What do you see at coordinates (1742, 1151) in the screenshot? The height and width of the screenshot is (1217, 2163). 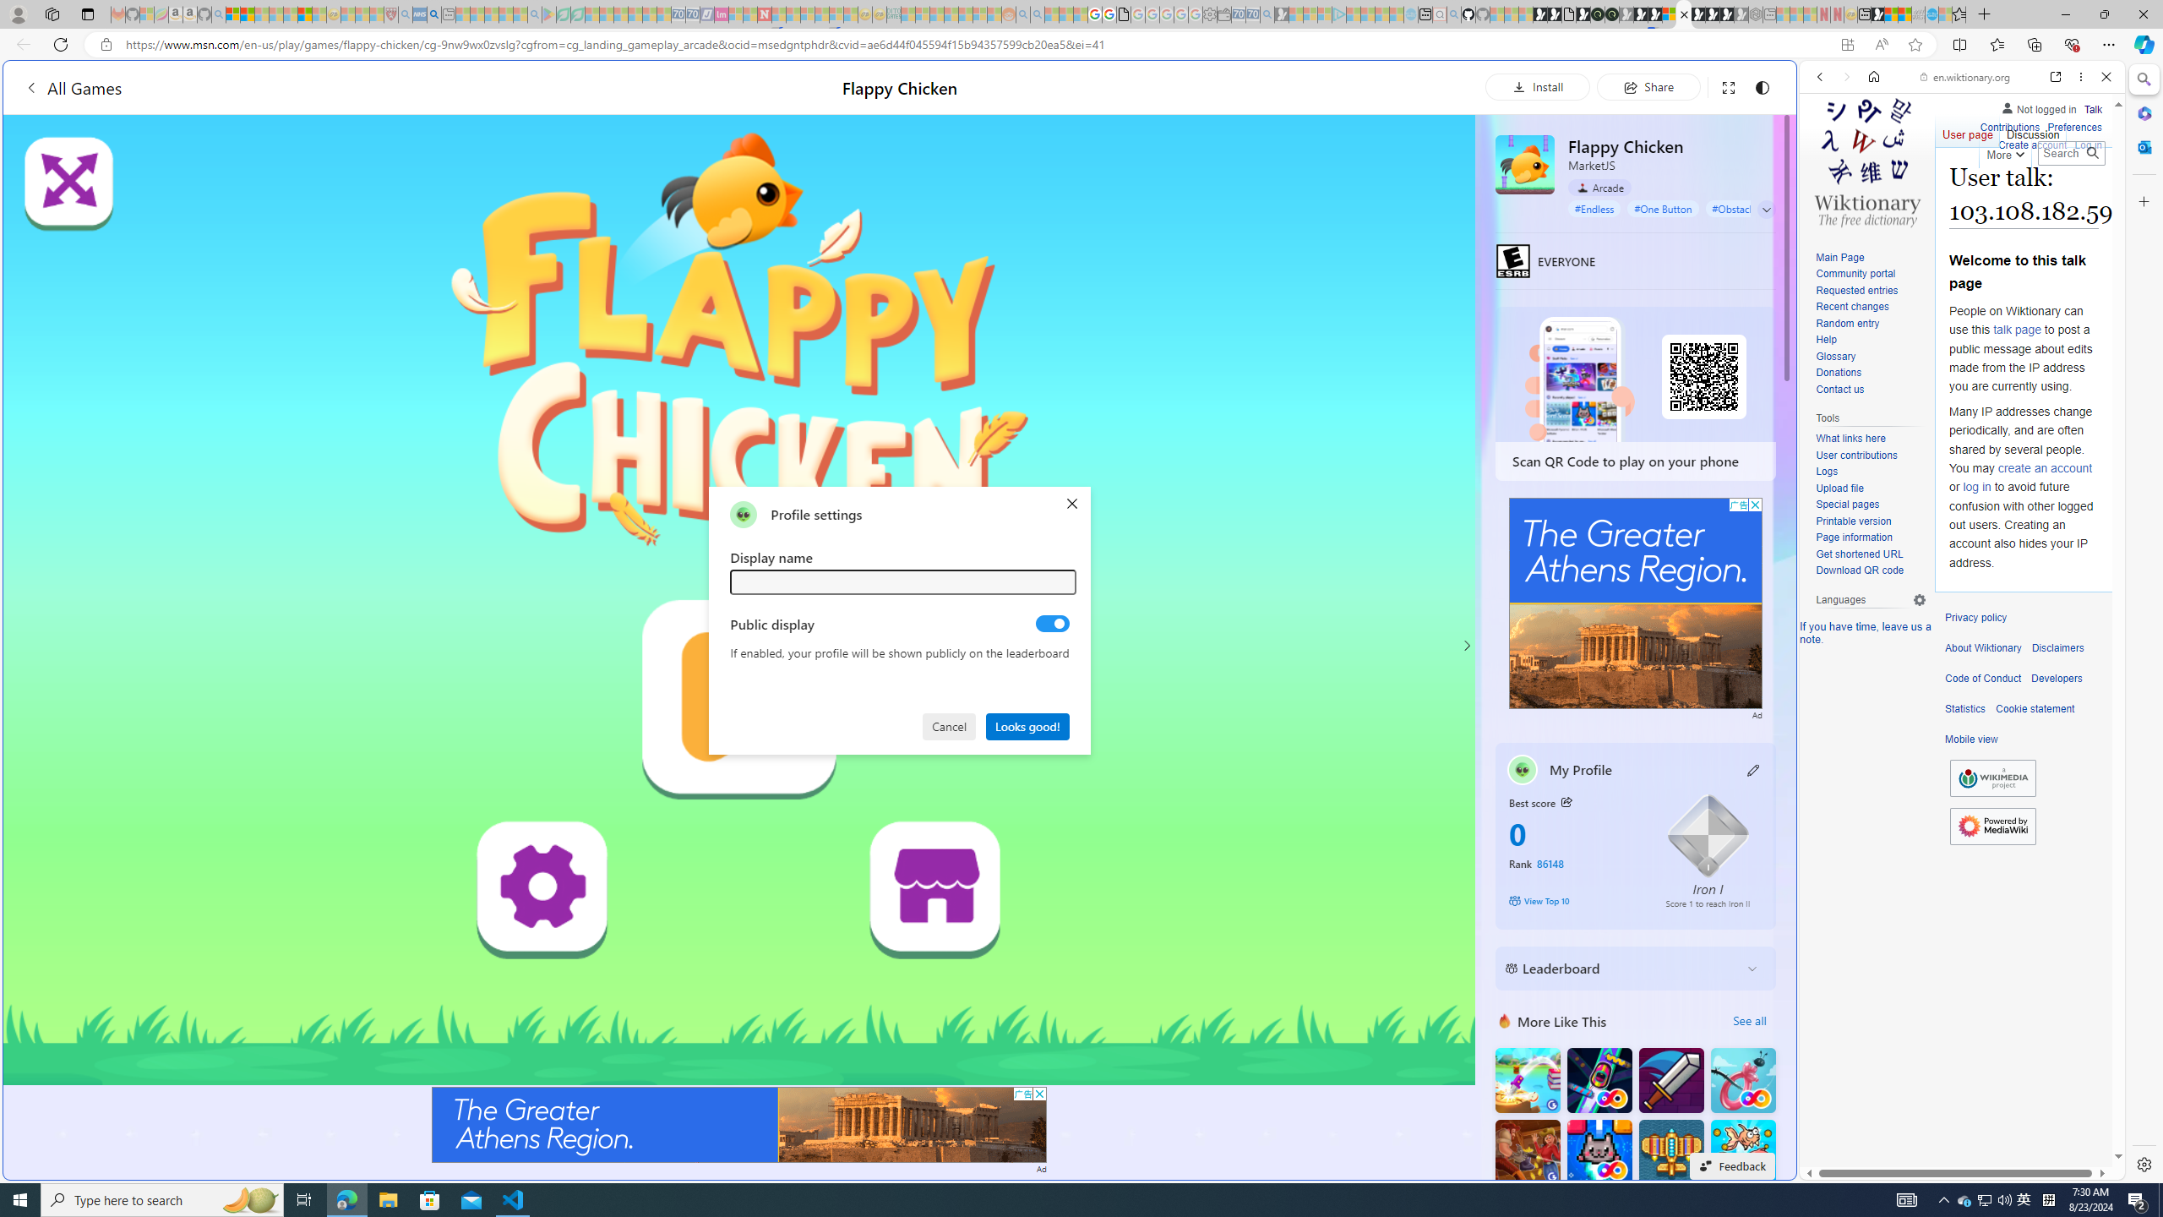 I see `'Fish Merge FRVR'` at bounding box center [1742, 1151].